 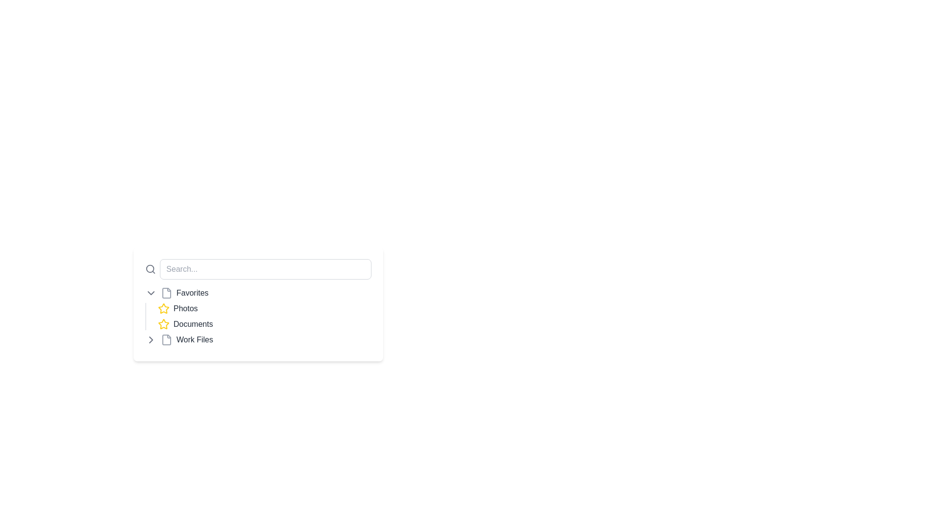 What do you see at coordinates (264, 308) in the screenshot?
I see `the first list item in the 'Favorites' section` at bounding box center [264, 308].